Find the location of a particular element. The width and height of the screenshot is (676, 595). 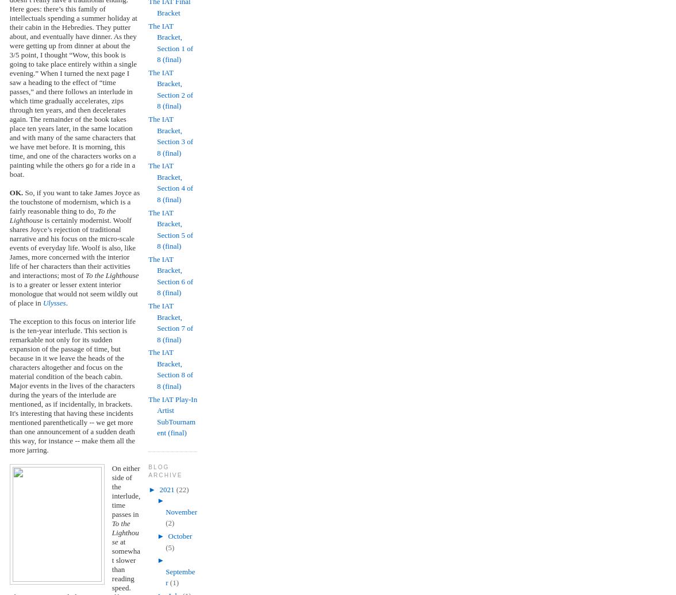

'(5)' is located at coordinates (169, 547).